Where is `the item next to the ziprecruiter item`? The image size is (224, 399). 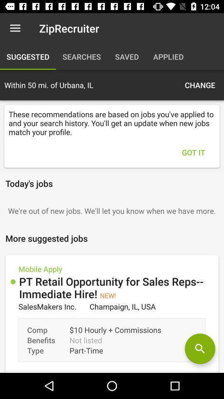 the item next to the ziprecruiter item is located at coordinates (15, 28).